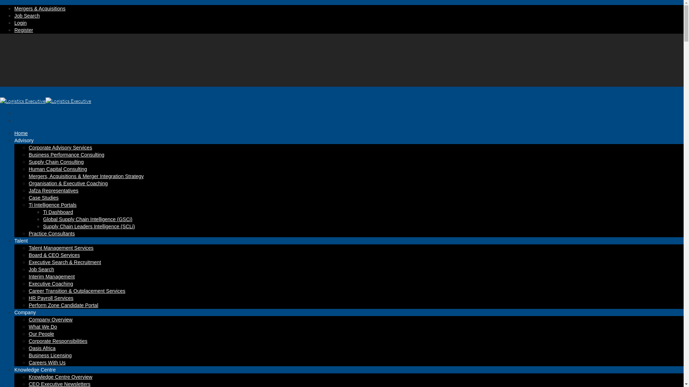  I want to click on 'Business Performance Consulting', so click(66, 154).